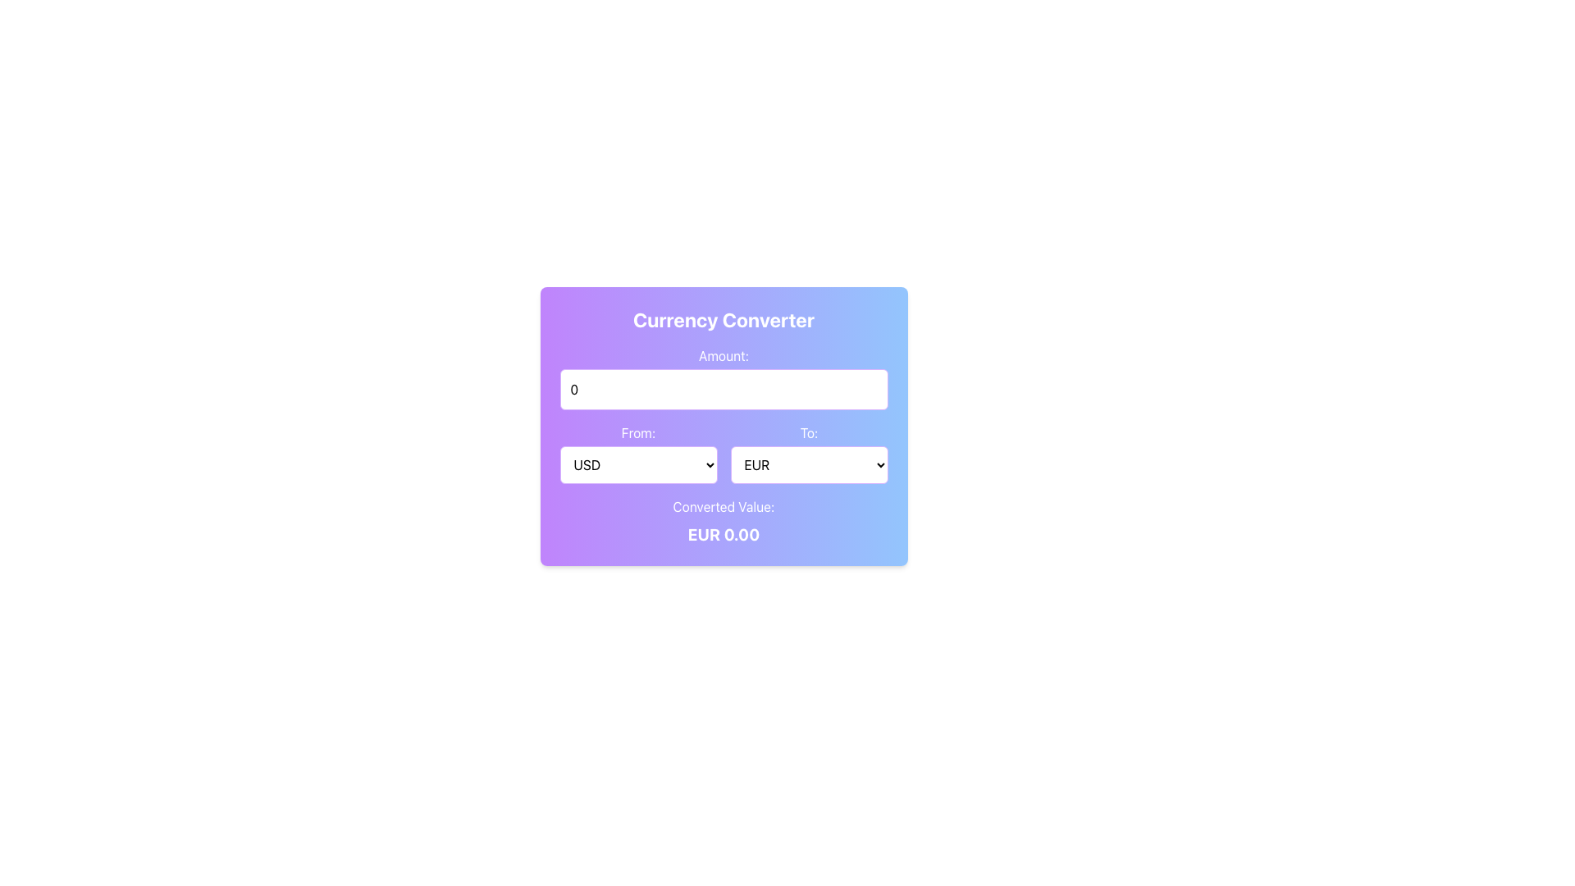  Describe the element at coordinates (723, 378) in the screenshot. I see `the input field for number entry located beneath the 'Currency Converter' title to indicate focus` at that location.